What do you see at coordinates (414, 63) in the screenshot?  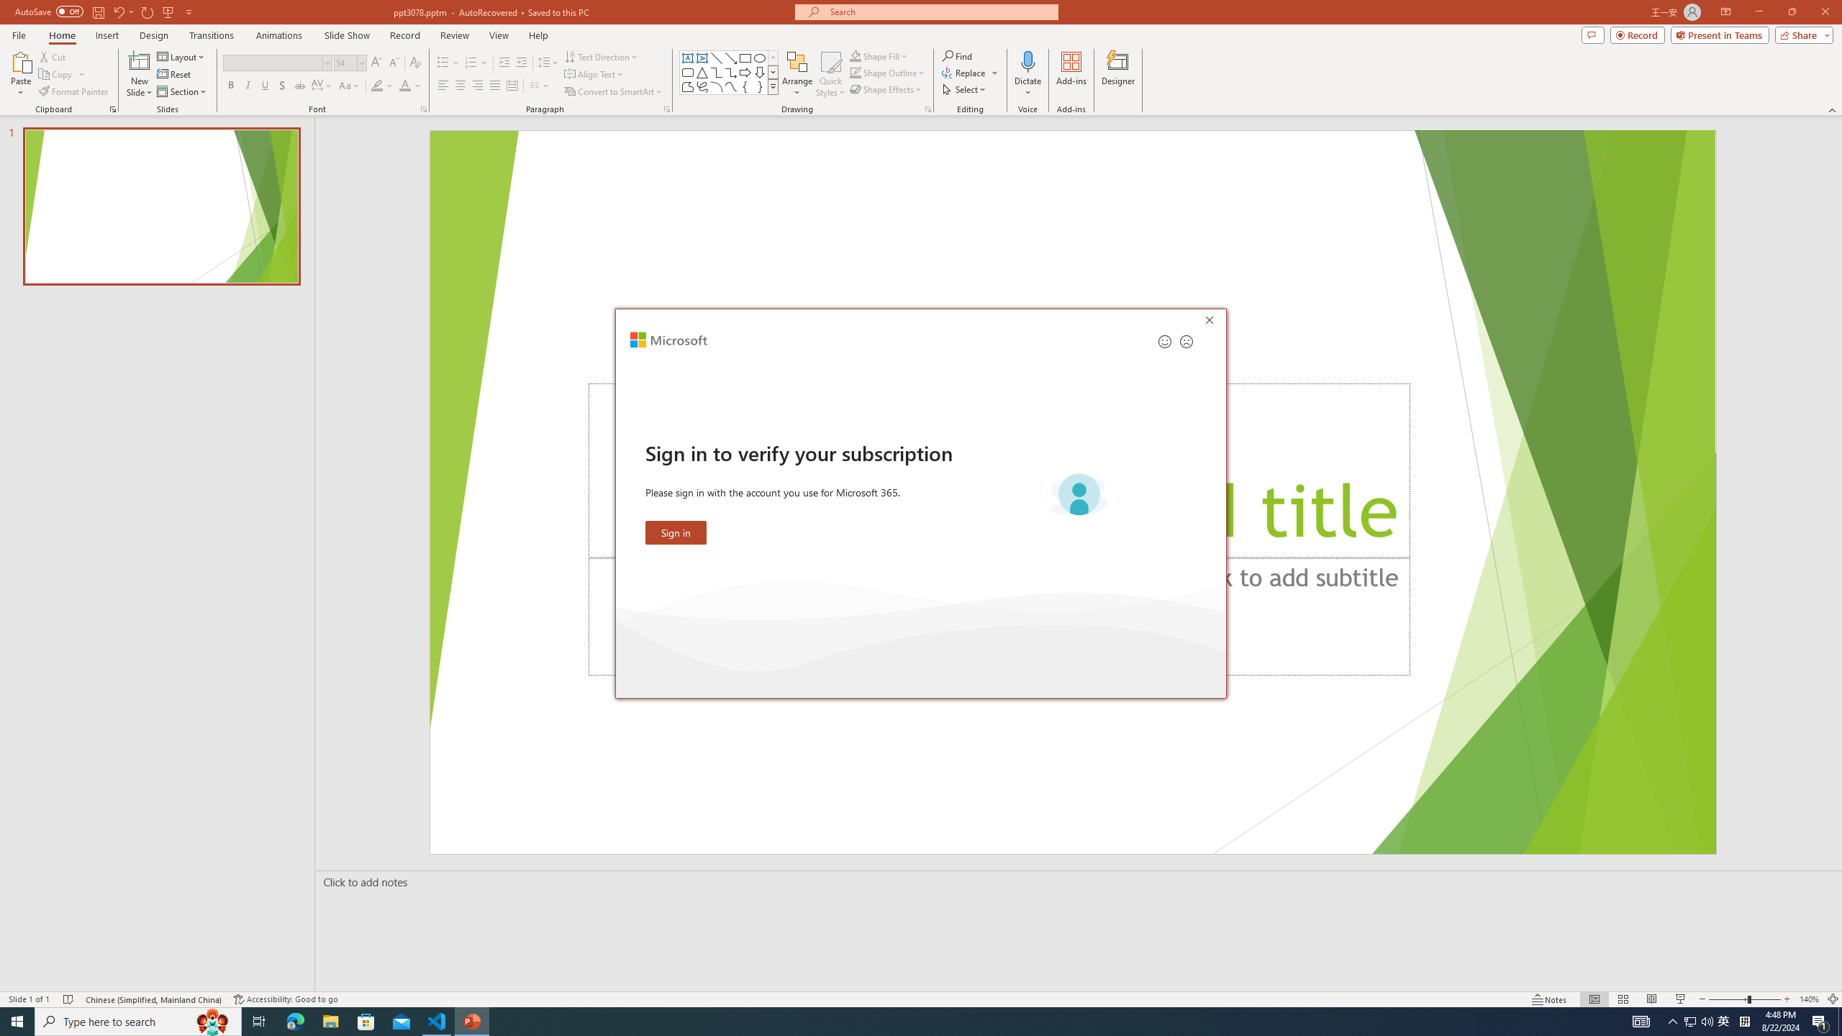 I see `'Clear Formatting'` at bounding box center [414, 63].